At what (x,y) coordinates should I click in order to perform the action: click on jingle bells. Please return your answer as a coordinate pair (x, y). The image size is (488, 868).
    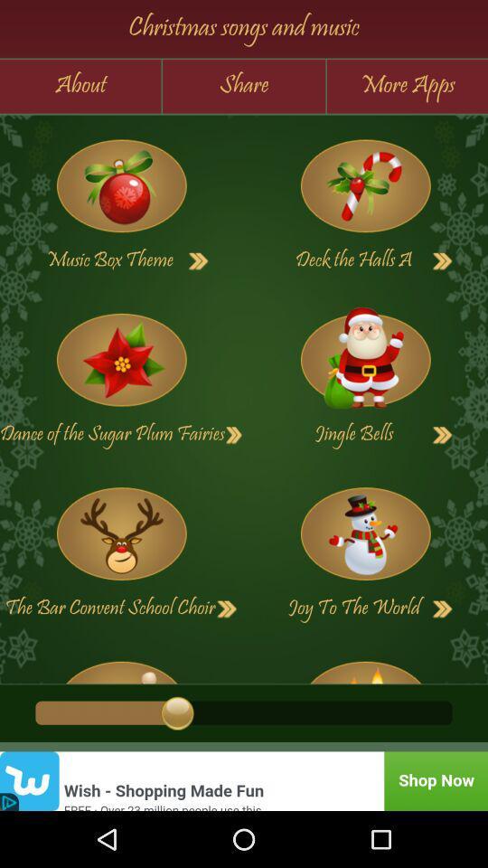
    Looking at the image, I should click on (365, 359).